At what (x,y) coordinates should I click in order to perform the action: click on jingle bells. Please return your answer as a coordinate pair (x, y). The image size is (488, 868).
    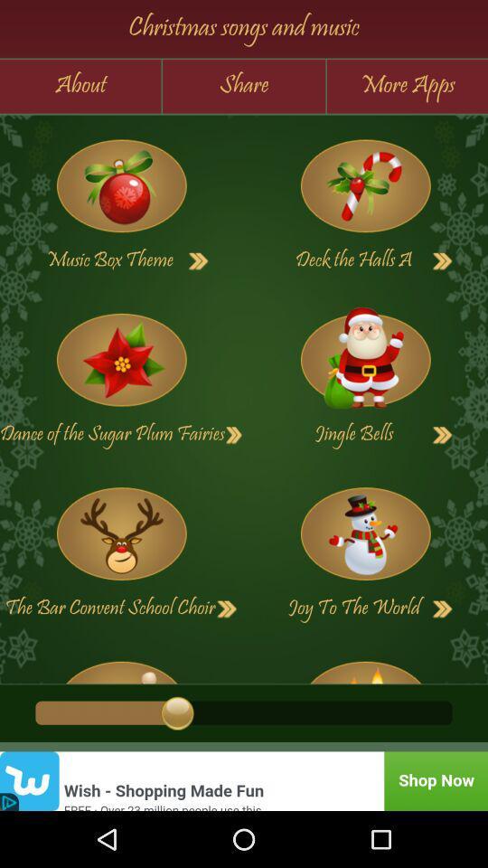
    Looking at the image, I should click on (365, 359).